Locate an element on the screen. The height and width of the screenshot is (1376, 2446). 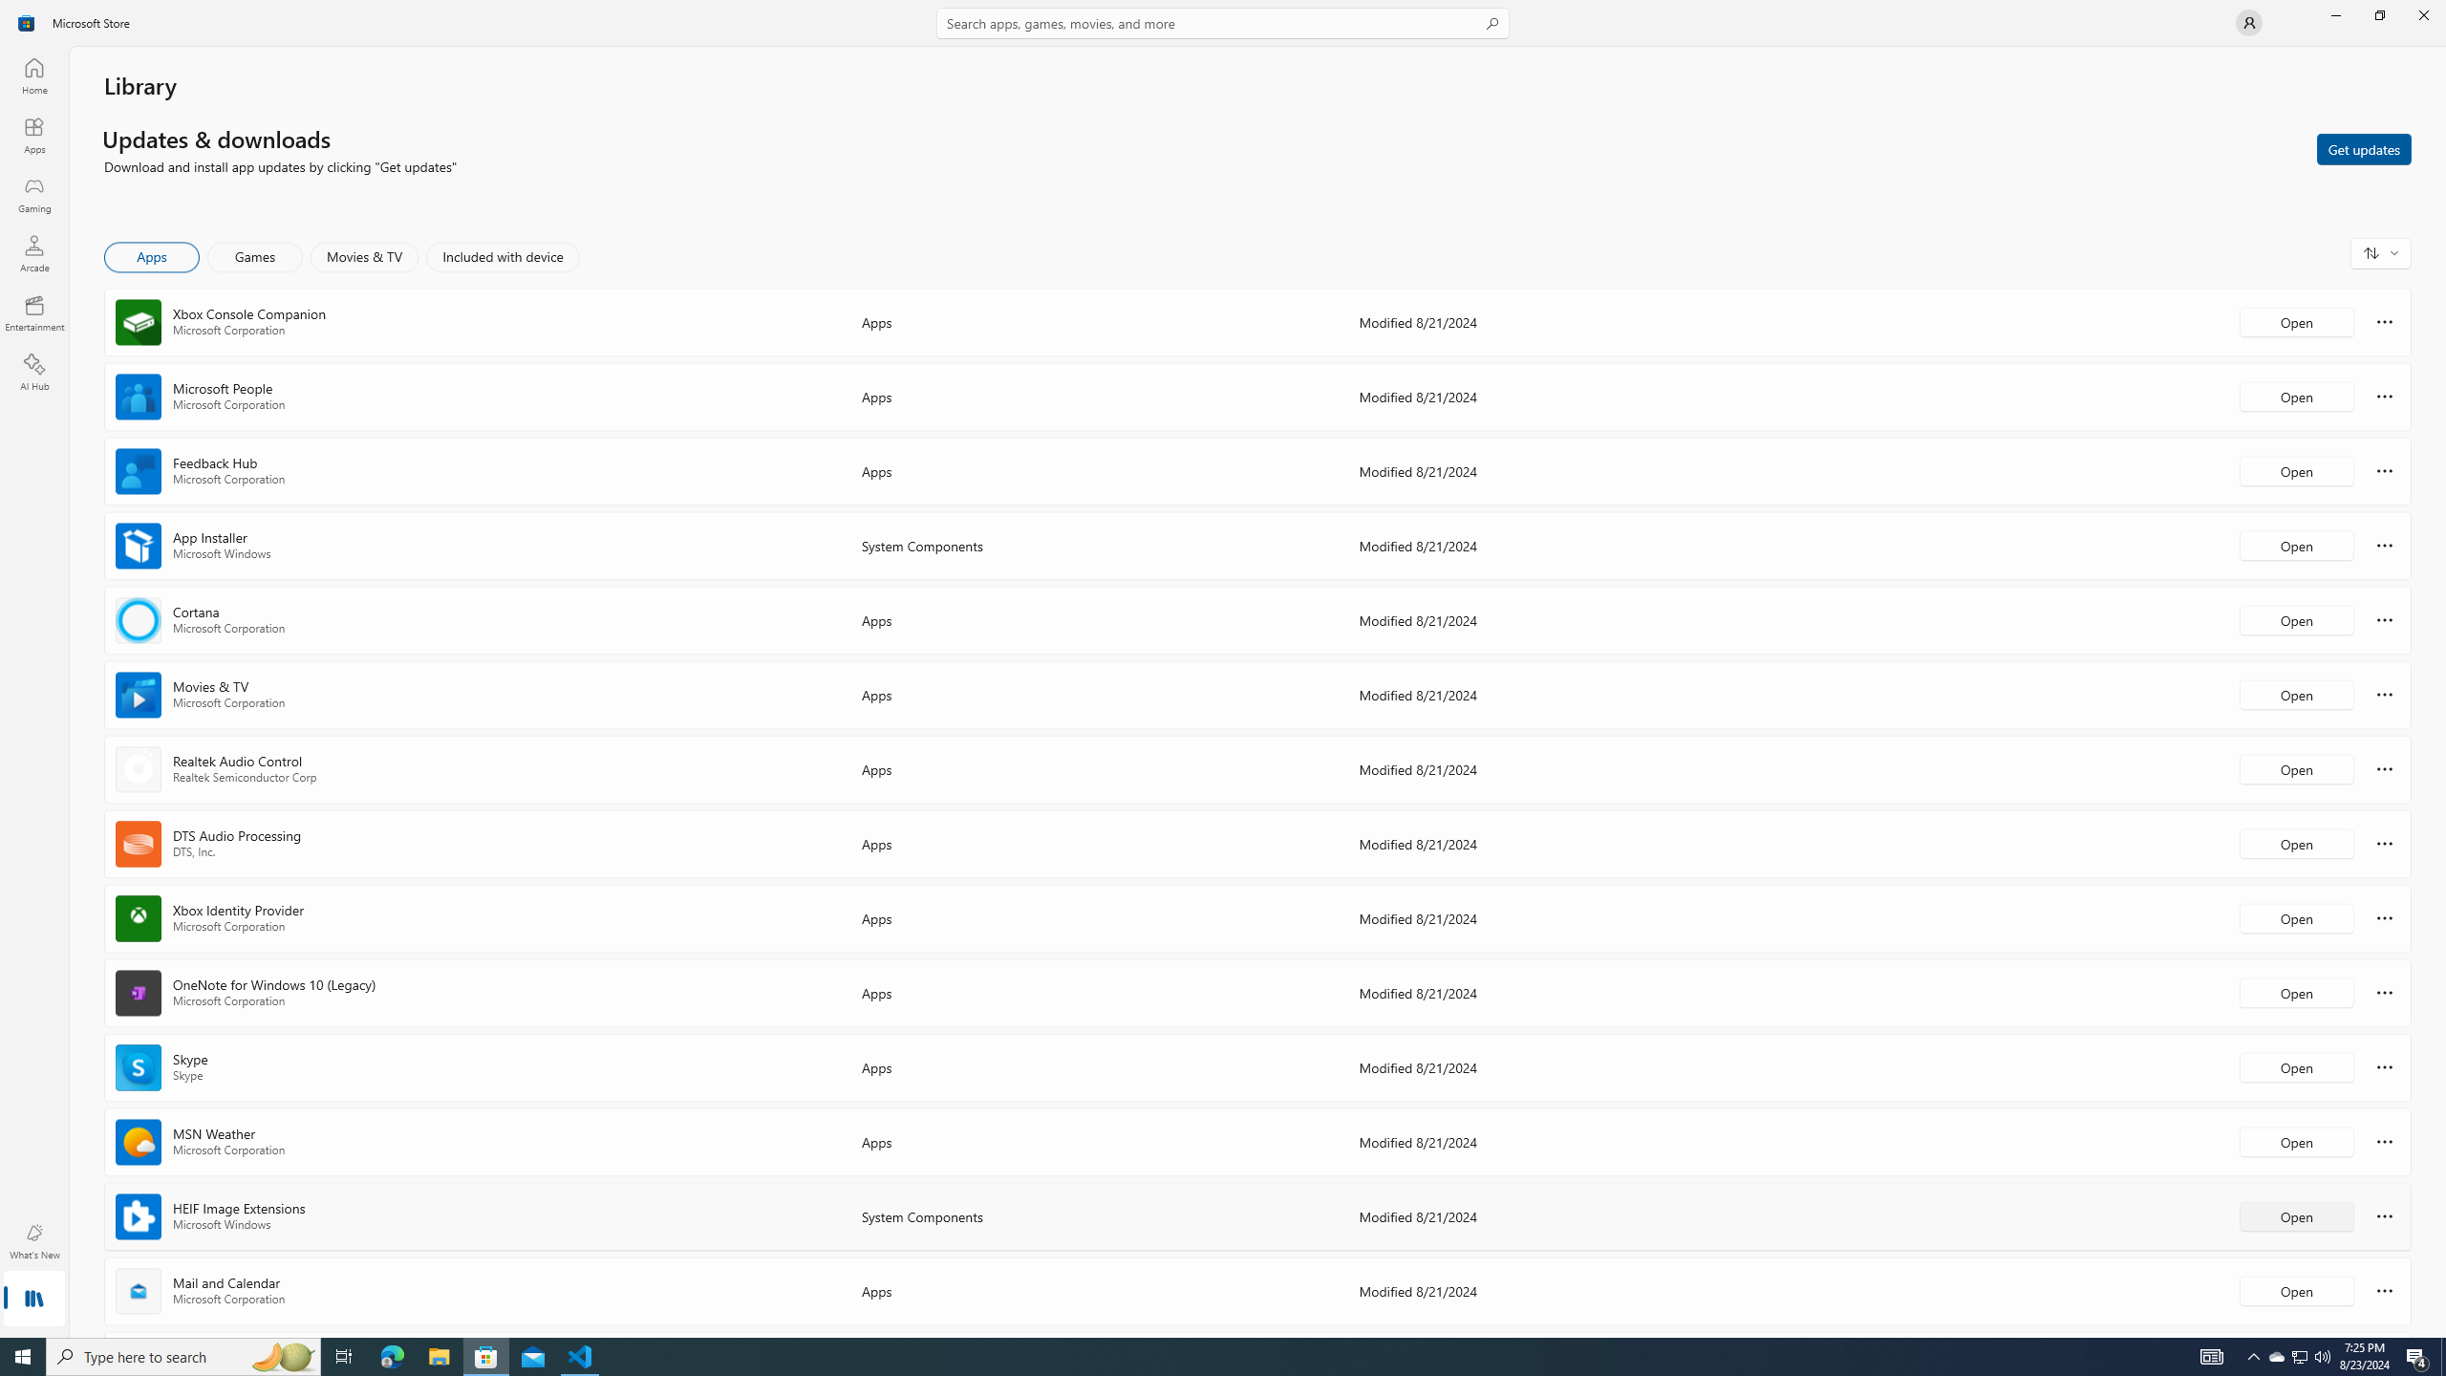
'Arcade' is located at coordinates (32, 252).